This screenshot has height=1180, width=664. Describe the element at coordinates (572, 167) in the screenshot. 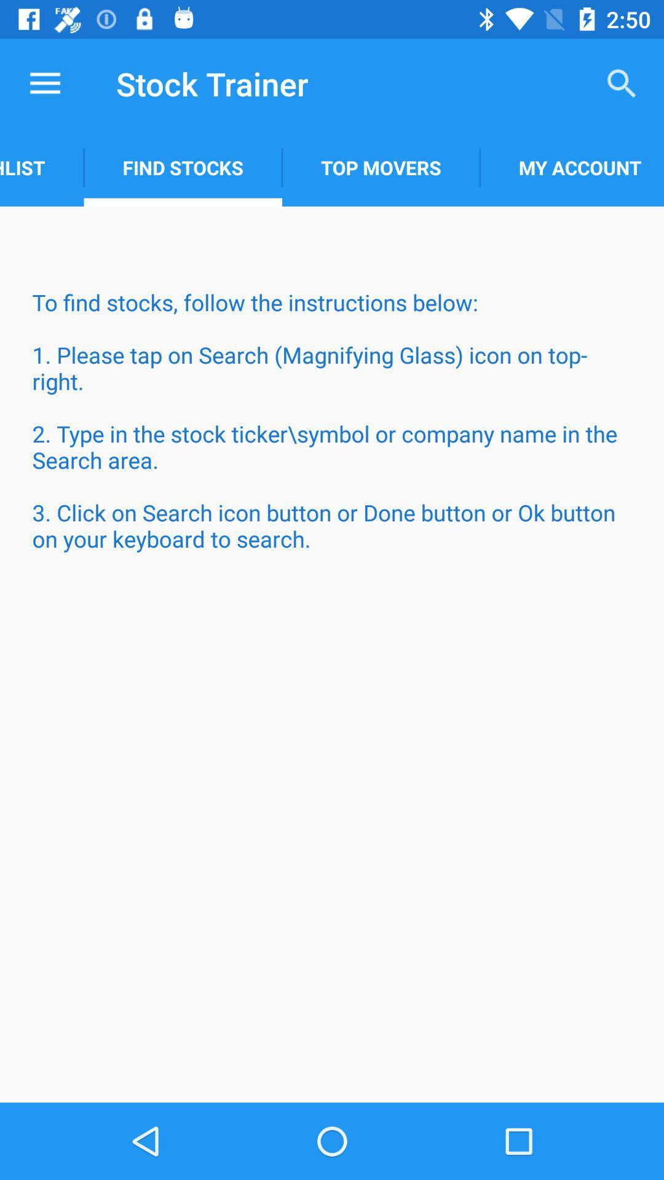

I see `my account item` at that location.